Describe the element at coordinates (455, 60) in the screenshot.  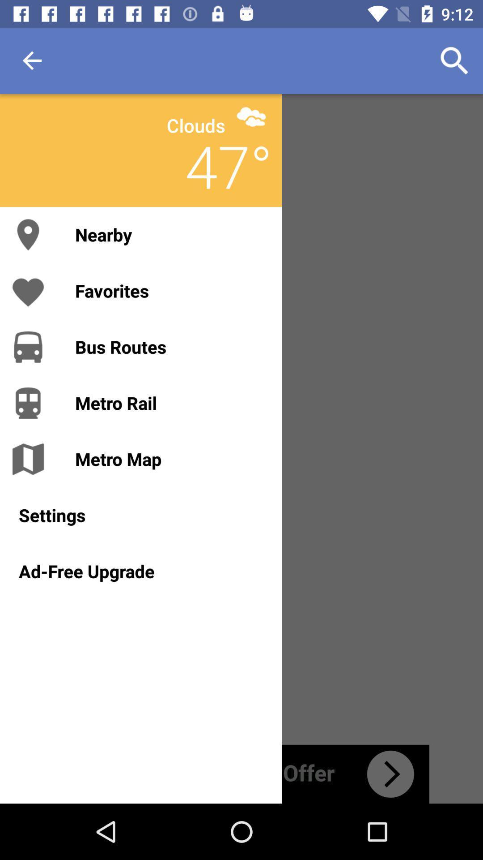
I see `icon at the top right corner` at that location.